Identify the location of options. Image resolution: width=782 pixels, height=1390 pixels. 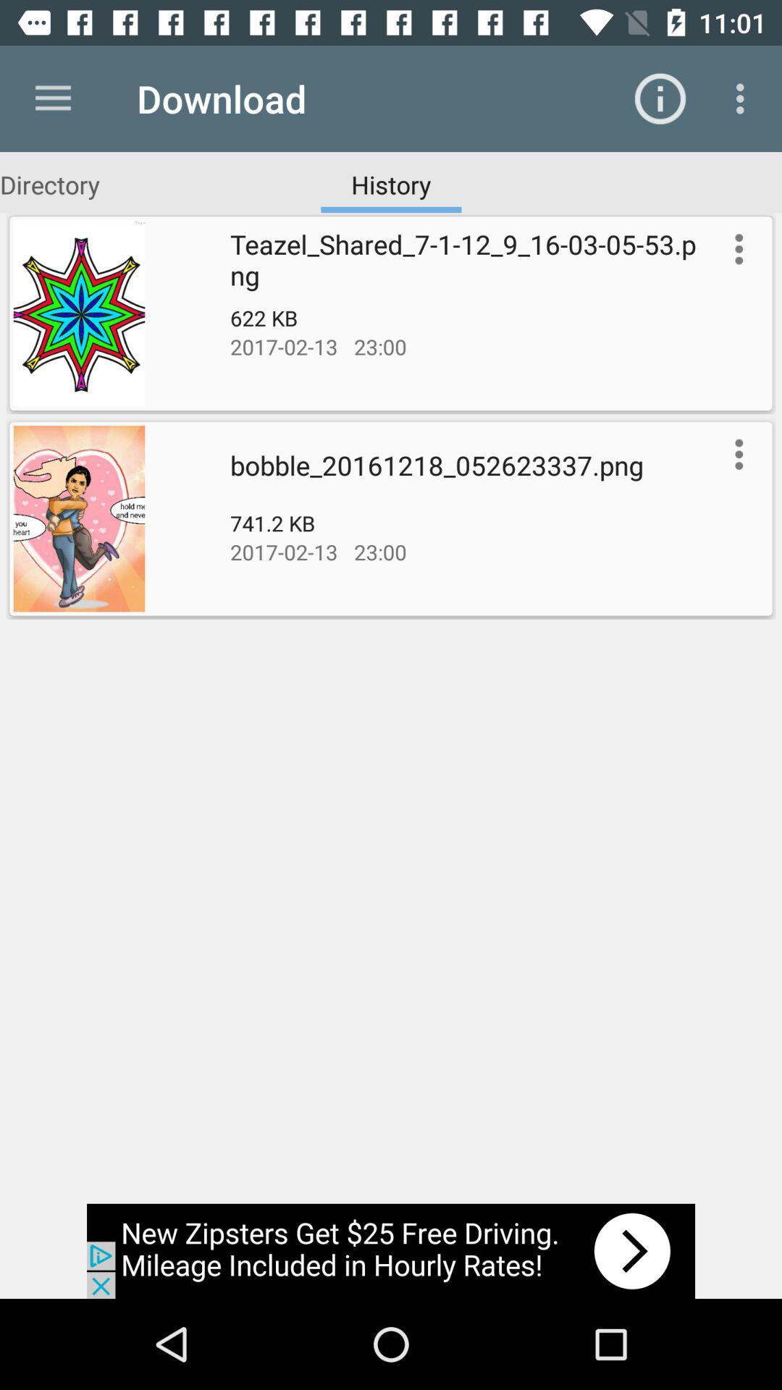
(736, 249).